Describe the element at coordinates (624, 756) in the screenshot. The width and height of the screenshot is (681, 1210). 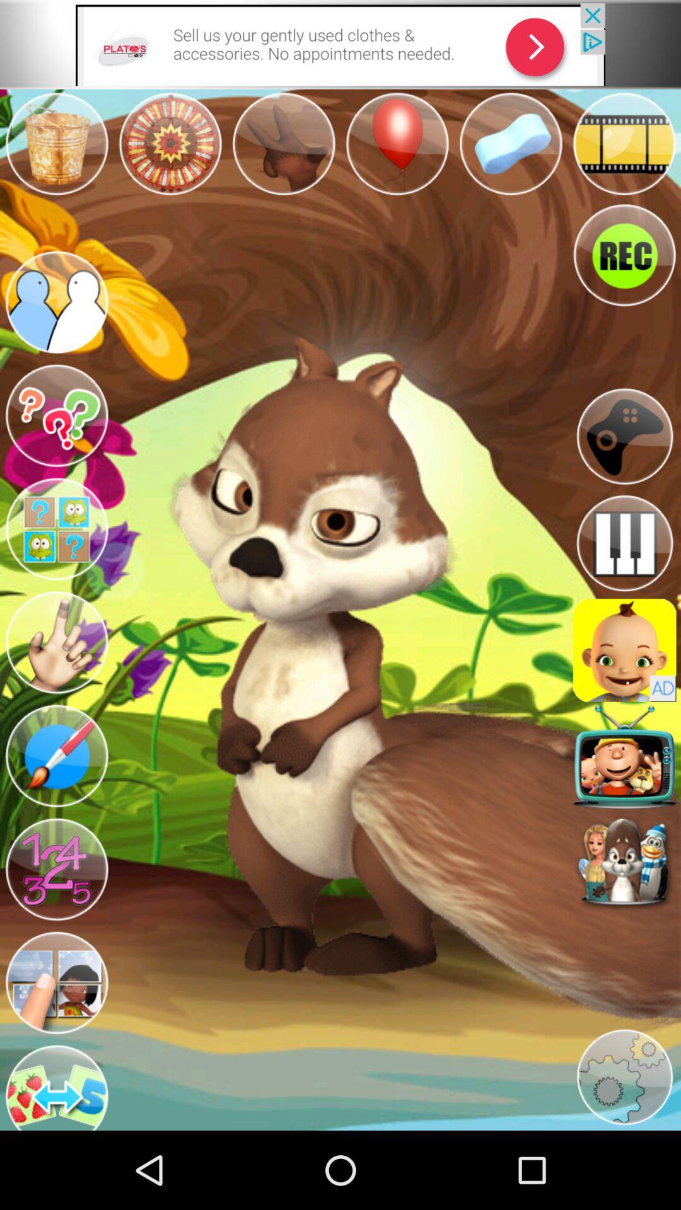
I see `app button` at that location.